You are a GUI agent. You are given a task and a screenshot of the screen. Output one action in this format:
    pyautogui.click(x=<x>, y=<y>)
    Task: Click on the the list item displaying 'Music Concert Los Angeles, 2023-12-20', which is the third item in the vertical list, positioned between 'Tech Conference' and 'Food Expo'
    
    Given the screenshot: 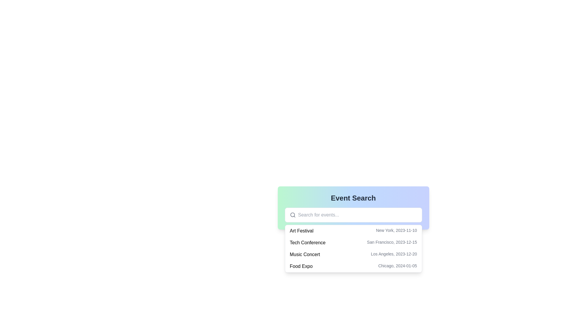 What is the action you would take?
    pyautogui.click(x=353, y=254)
    